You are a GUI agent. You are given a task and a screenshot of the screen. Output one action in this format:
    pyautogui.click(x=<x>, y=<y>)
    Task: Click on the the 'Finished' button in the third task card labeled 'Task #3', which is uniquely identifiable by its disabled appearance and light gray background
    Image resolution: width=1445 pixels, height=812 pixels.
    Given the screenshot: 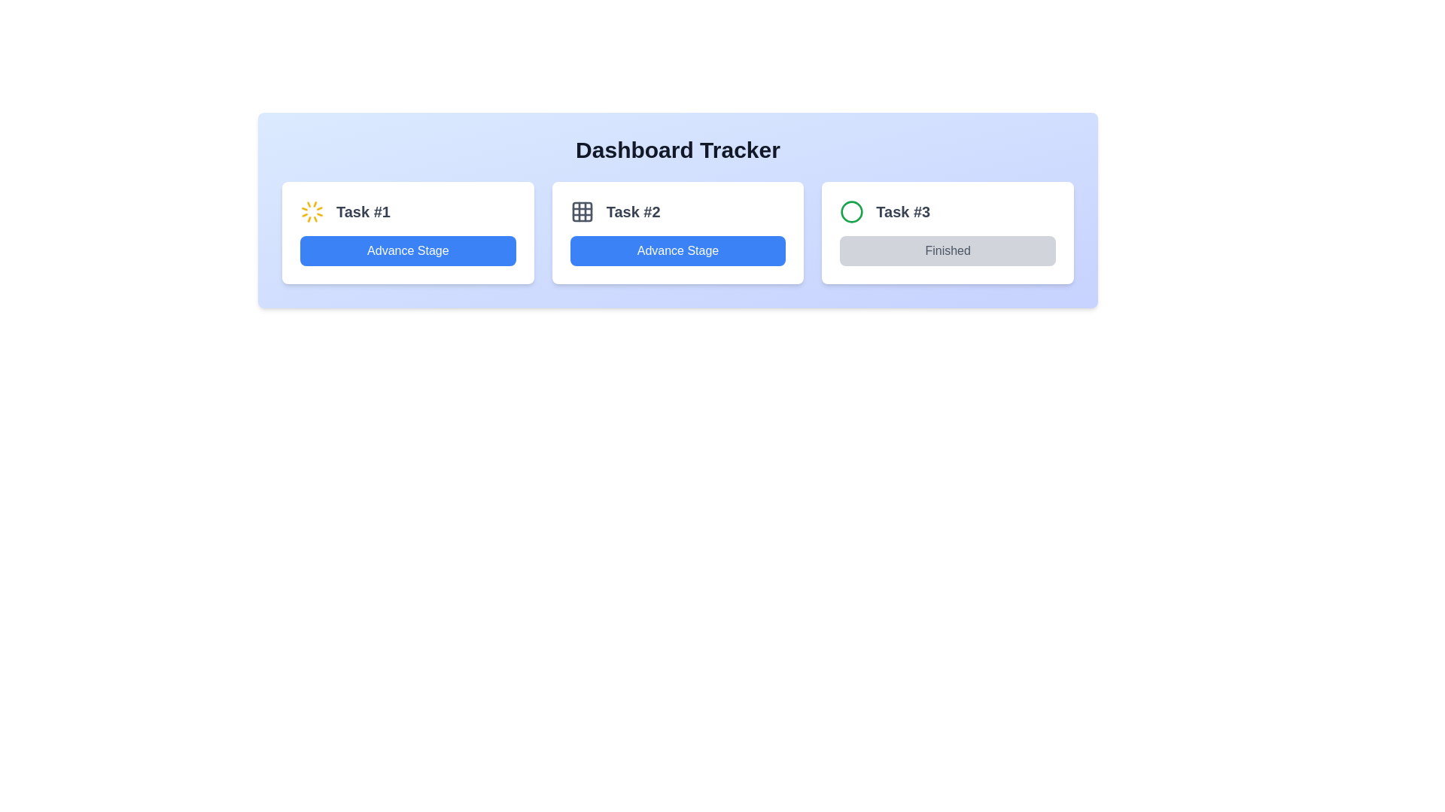 What is the action you would take?
    pyautogui.click(x=947, y=250)
    